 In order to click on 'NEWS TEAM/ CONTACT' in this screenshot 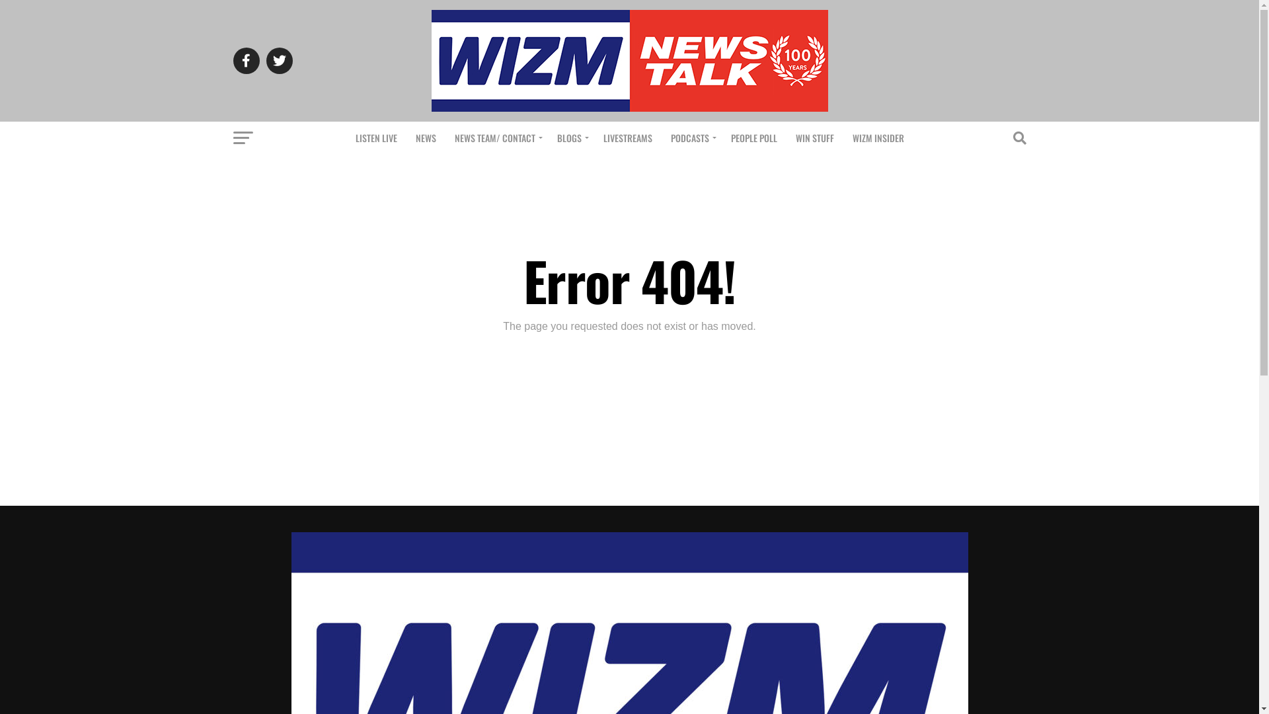, I will do `click(496, 138)`.